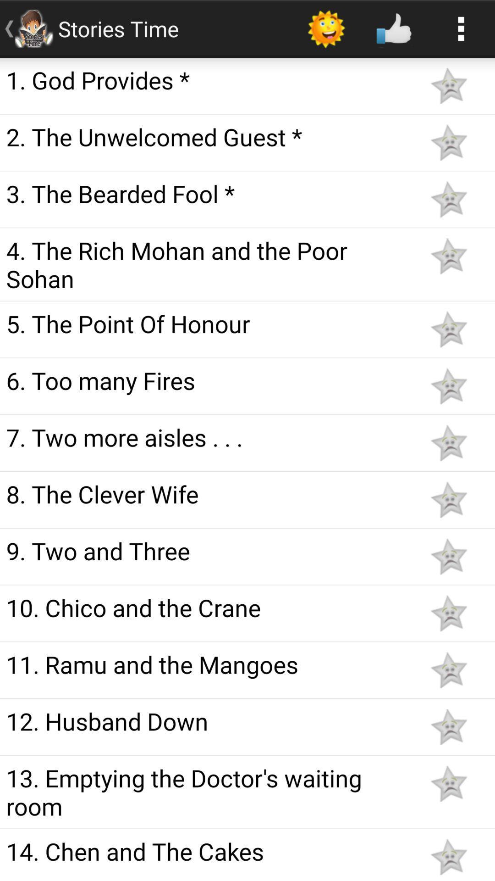 The height and width of the screenshot is (881, 495). I want to click on a story, so click(448, 199).